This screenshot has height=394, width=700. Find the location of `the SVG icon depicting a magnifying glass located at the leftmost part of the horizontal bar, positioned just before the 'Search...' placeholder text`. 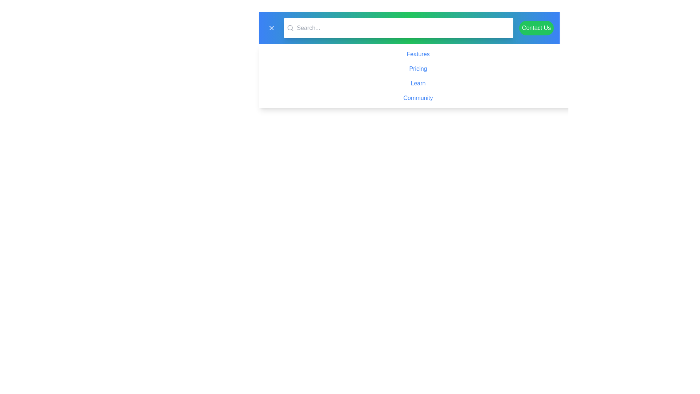

the SVG icon depicting a magnifying glass located at the leftmost part of the horizontal bar, positioned just before the 'Search...' placeholder text is located at coordinates (290, 28).